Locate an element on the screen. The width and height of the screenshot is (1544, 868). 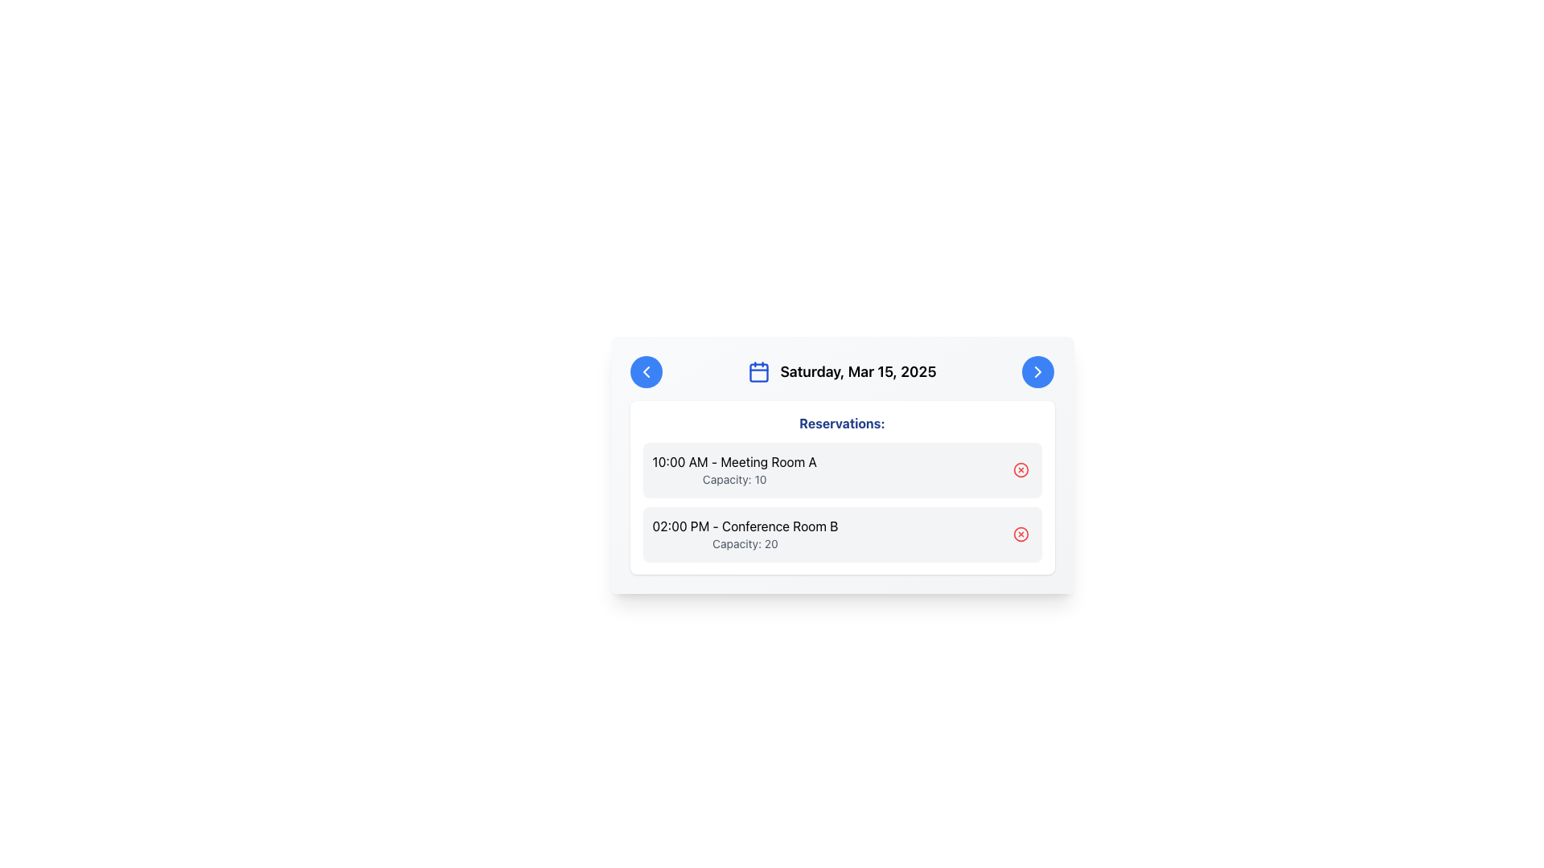
the left navigational control icon, which is located inside a blue circular background button in the top-left section of the interface is located at coordinates (646, 371).